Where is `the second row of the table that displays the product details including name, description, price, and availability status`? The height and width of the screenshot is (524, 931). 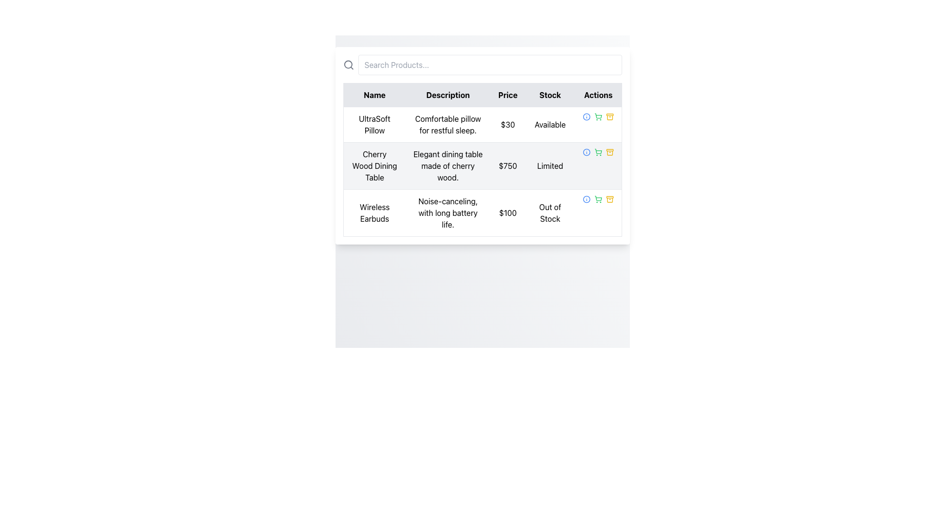
the second row of the table that displays the product details including name, description, price, and availability status is located at coordinates (482, 171).